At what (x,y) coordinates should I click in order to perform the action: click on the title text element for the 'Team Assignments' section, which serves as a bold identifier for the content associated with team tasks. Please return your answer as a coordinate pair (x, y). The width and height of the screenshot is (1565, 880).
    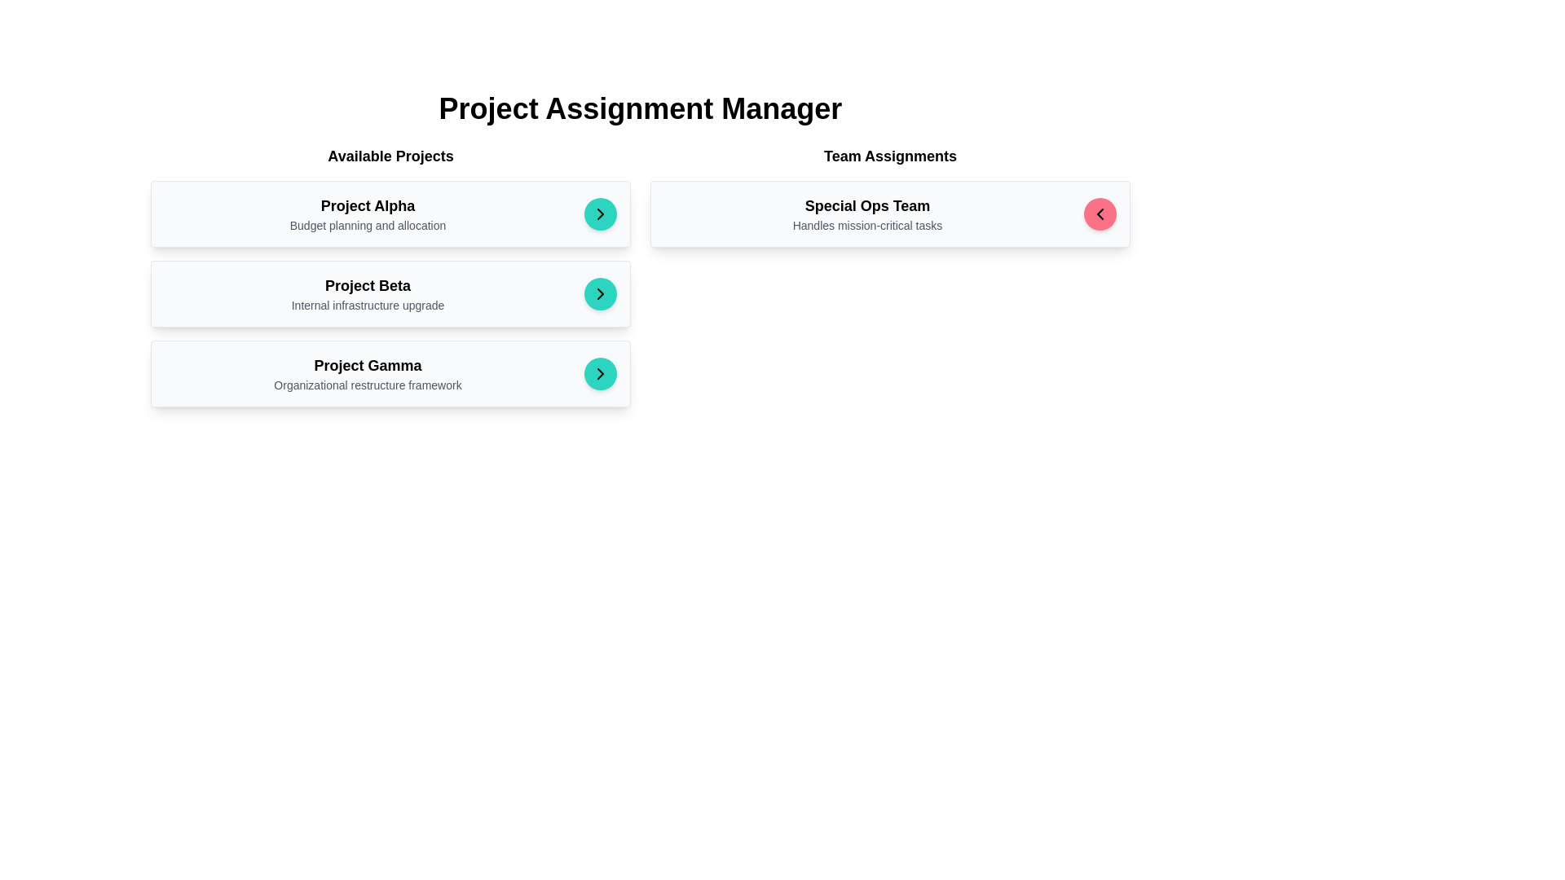
    Looking at the image, I should click on (866, 205).